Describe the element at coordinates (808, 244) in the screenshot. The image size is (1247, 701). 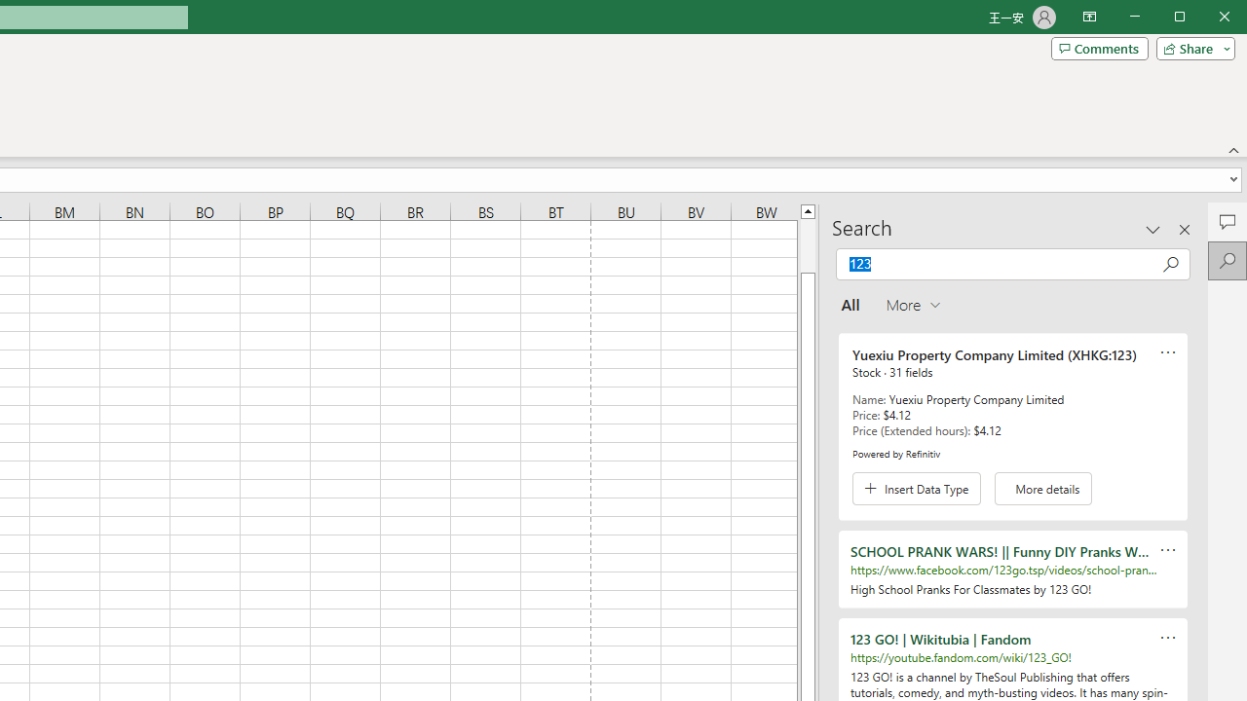
I see `'Page up'` at that location.